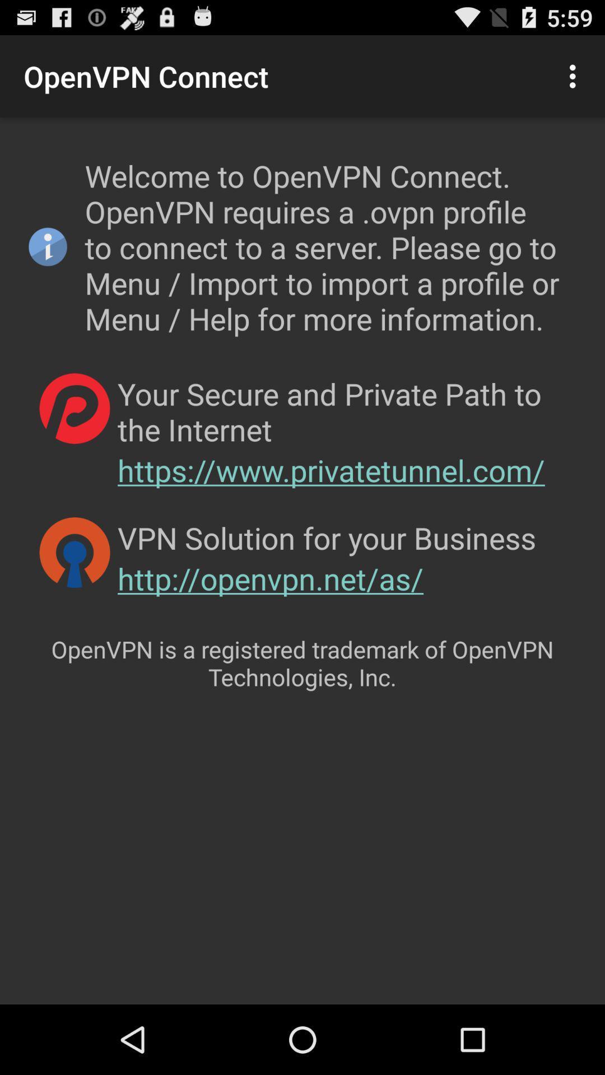 The height and width of the screenshot is (1075, 605). I want to click on icon next to the openvpn connect app, so click(575, 76).